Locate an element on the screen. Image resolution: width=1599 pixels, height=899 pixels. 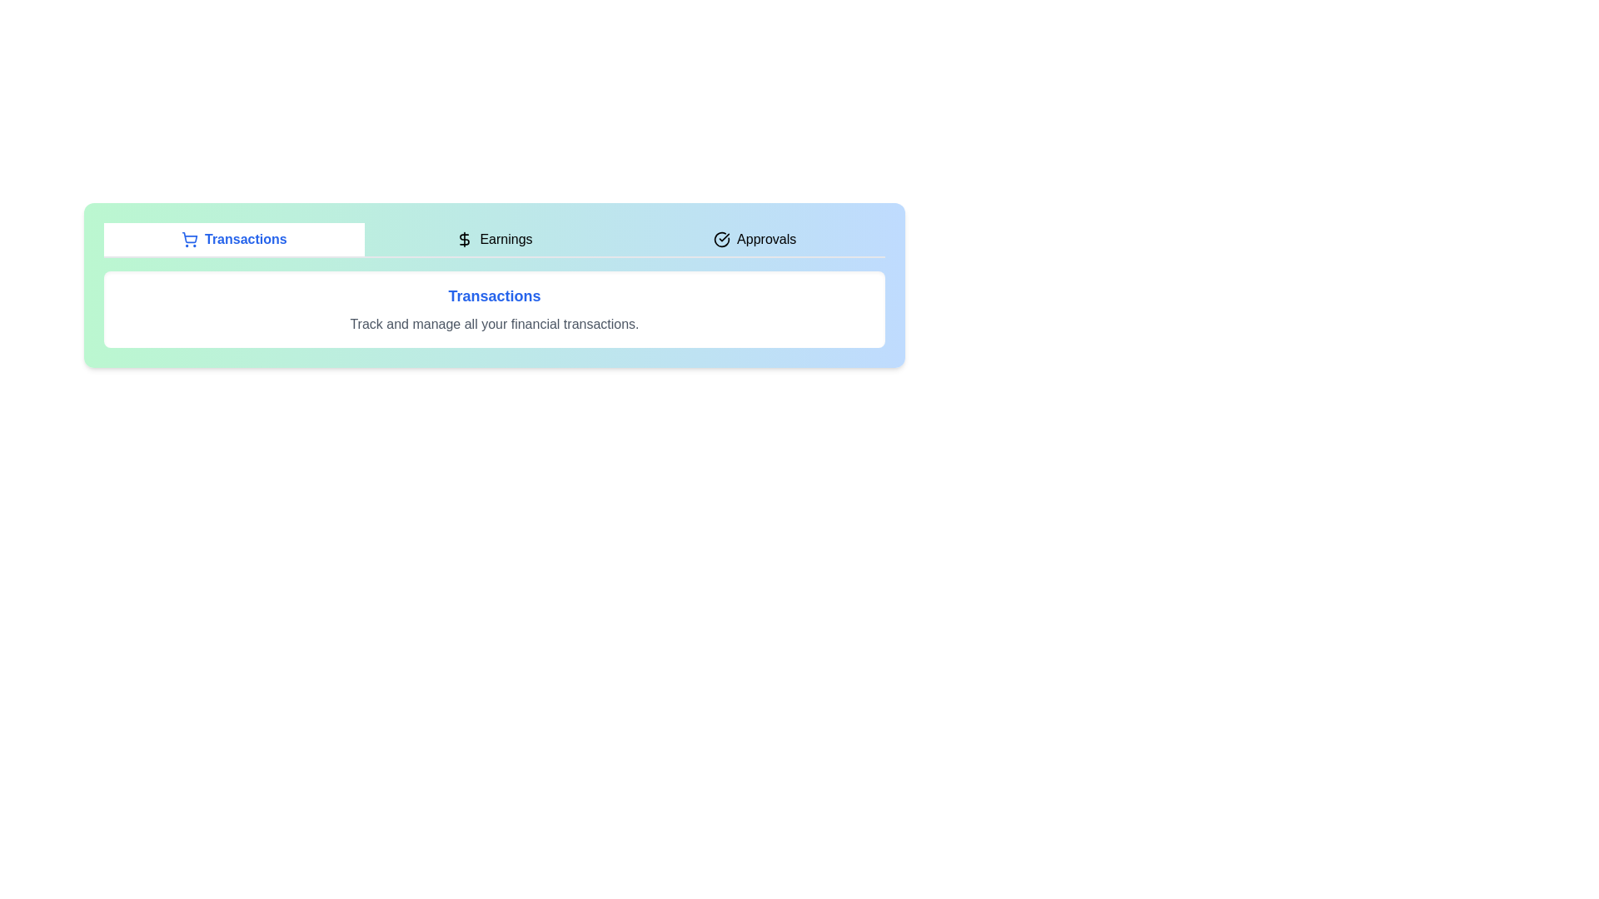
the tab labeled Earnings to observe visual feedback is located at coordinates (494, 240).